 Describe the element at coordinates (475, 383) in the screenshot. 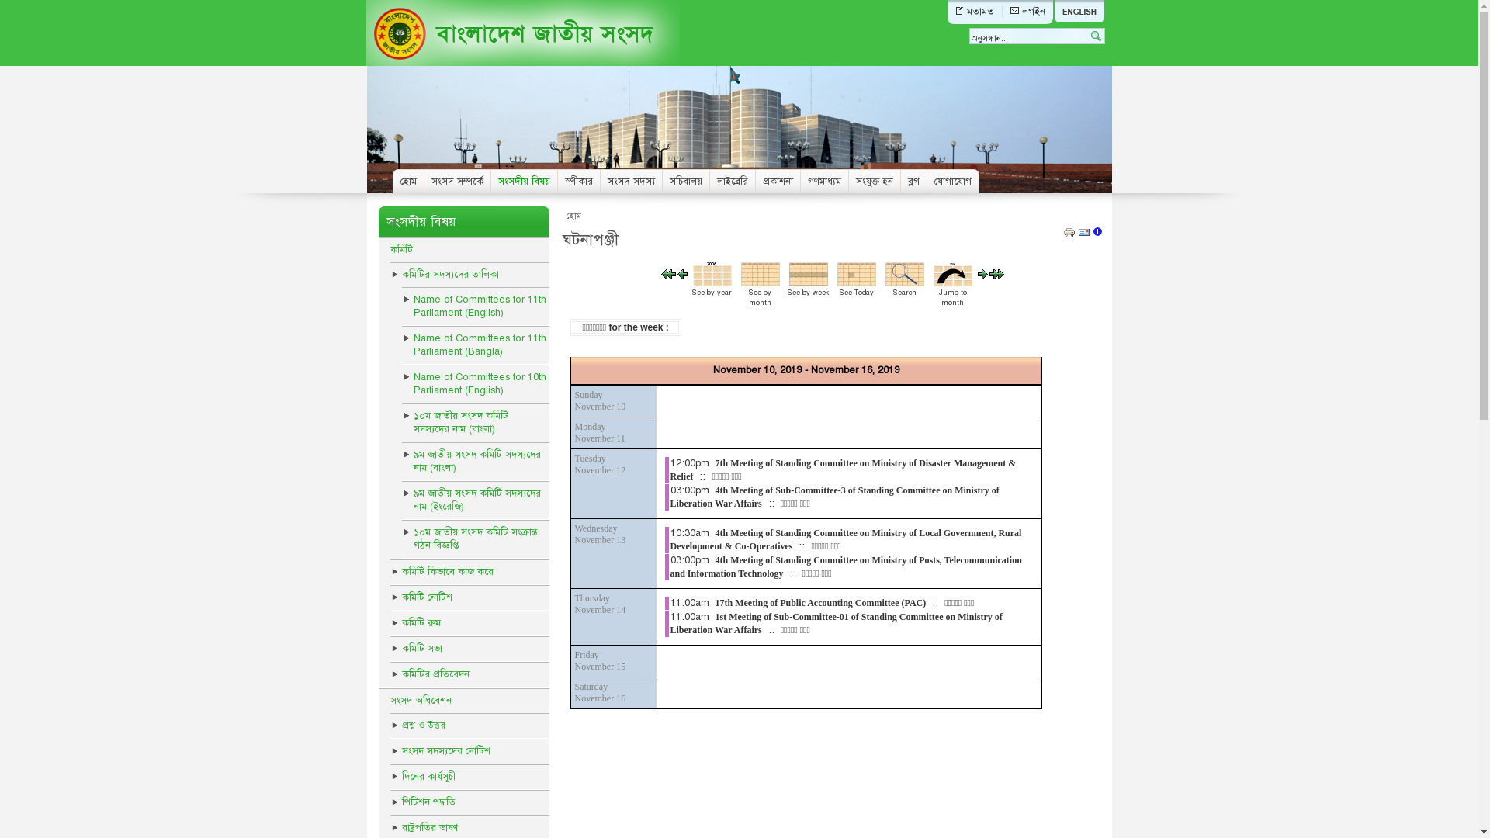

I see `'Name of Committees for 10th Parliament (English)'` at that location.